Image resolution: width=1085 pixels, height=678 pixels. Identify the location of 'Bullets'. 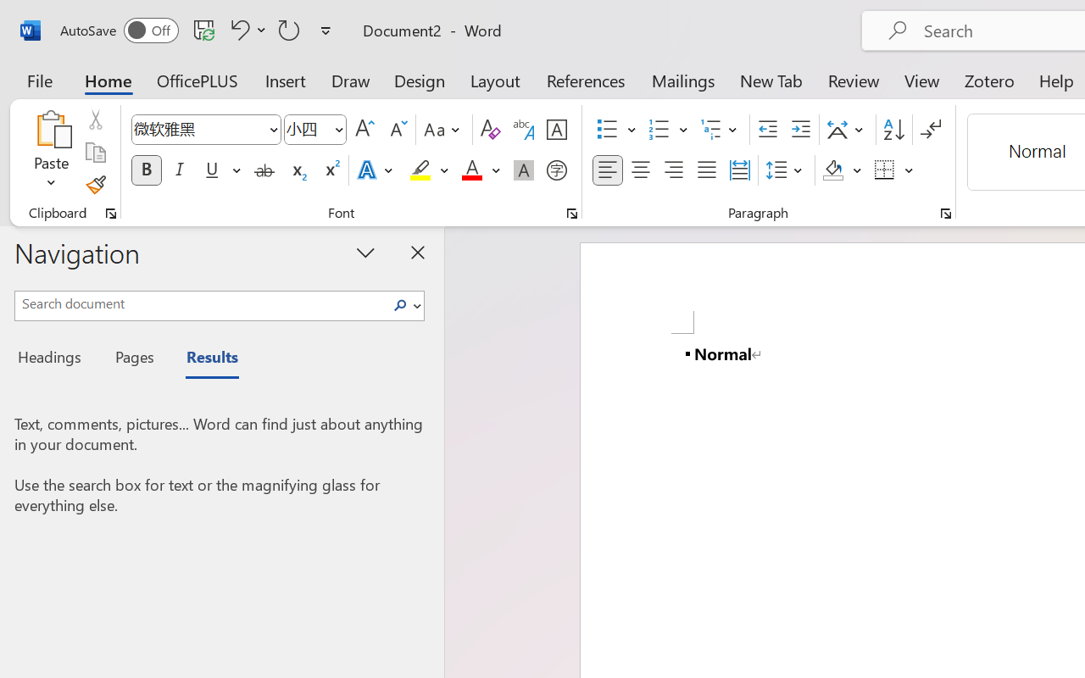
(615, 130).